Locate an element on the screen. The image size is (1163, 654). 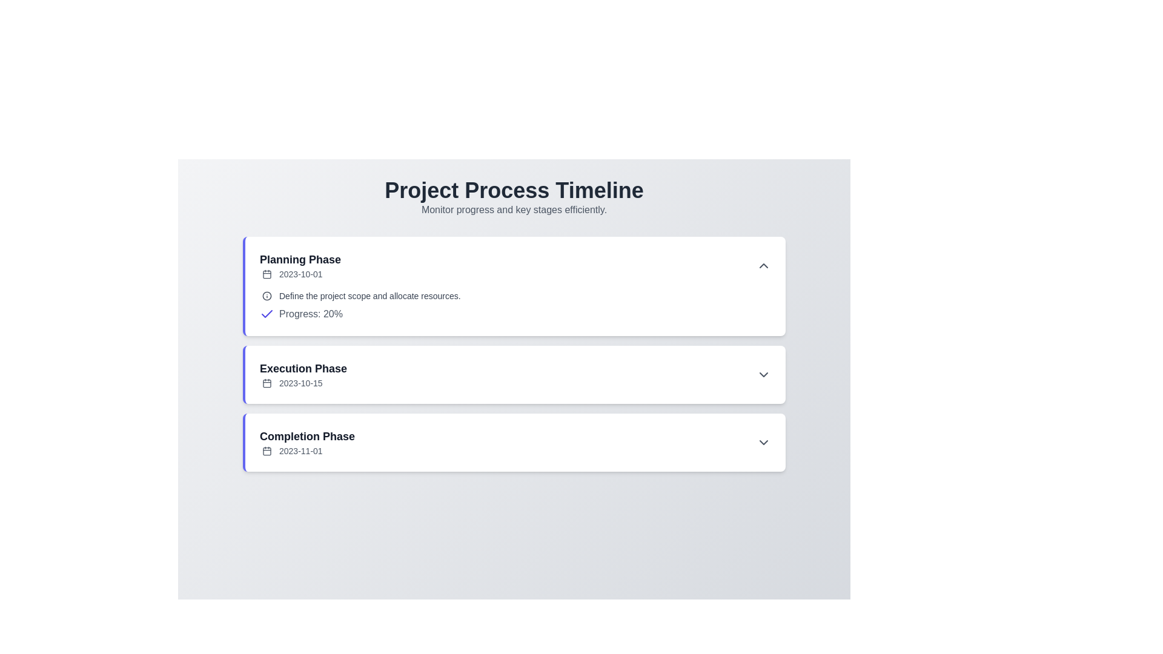
the text element that displays 'Monitor progress and key stages efficiently.' which is styled in a smaller font size and light gray color, located below the bold heading 'Project Process Timeline.' is located at coordinates (514, 210).